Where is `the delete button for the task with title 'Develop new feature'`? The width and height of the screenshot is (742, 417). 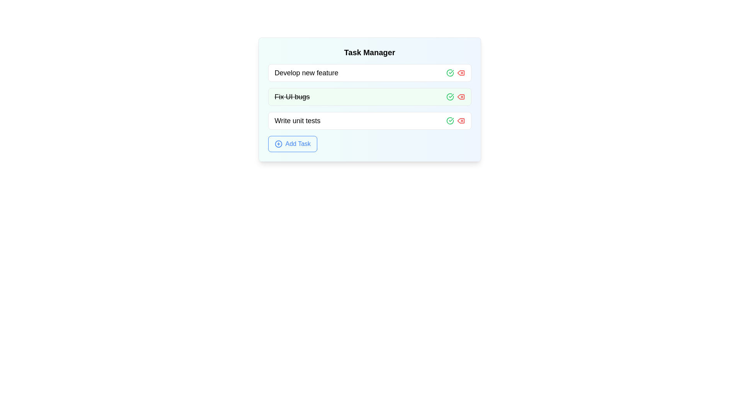 the delete button for the task with title 'Develop new feature' is located at coordinates (461, 73).